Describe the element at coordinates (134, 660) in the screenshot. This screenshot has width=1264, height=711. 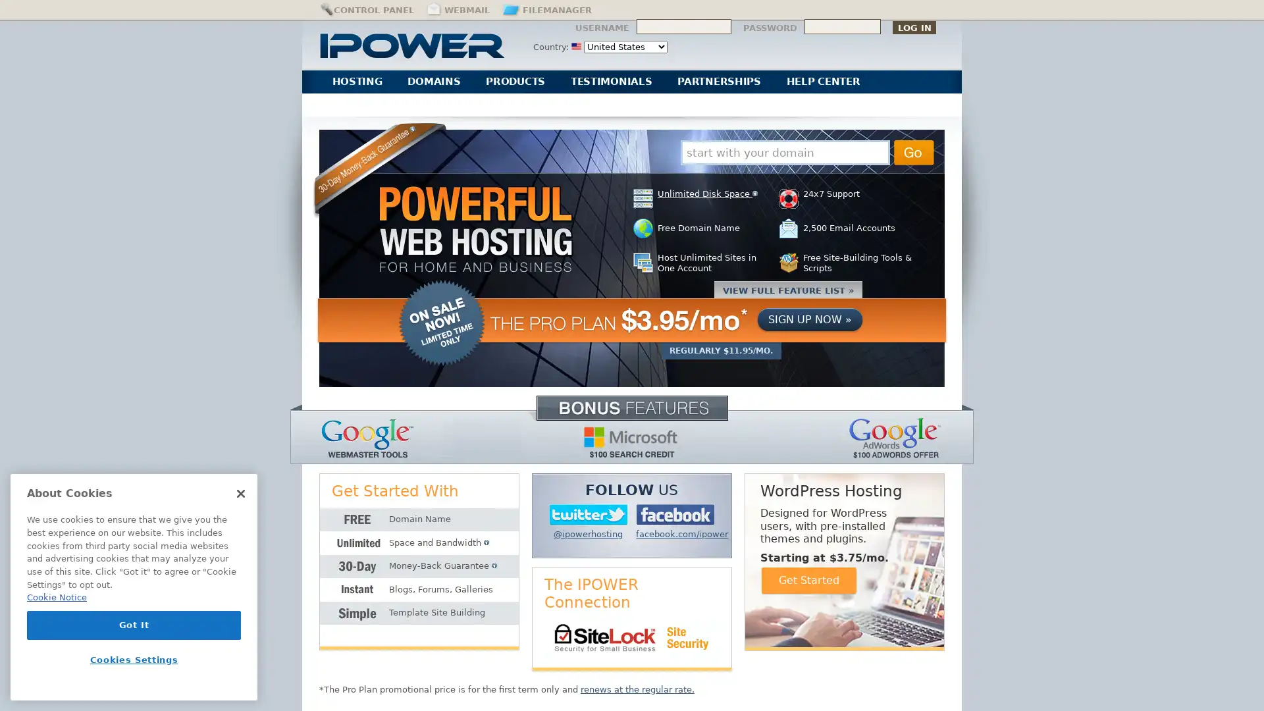
I see `Cookies Settings` at that location.